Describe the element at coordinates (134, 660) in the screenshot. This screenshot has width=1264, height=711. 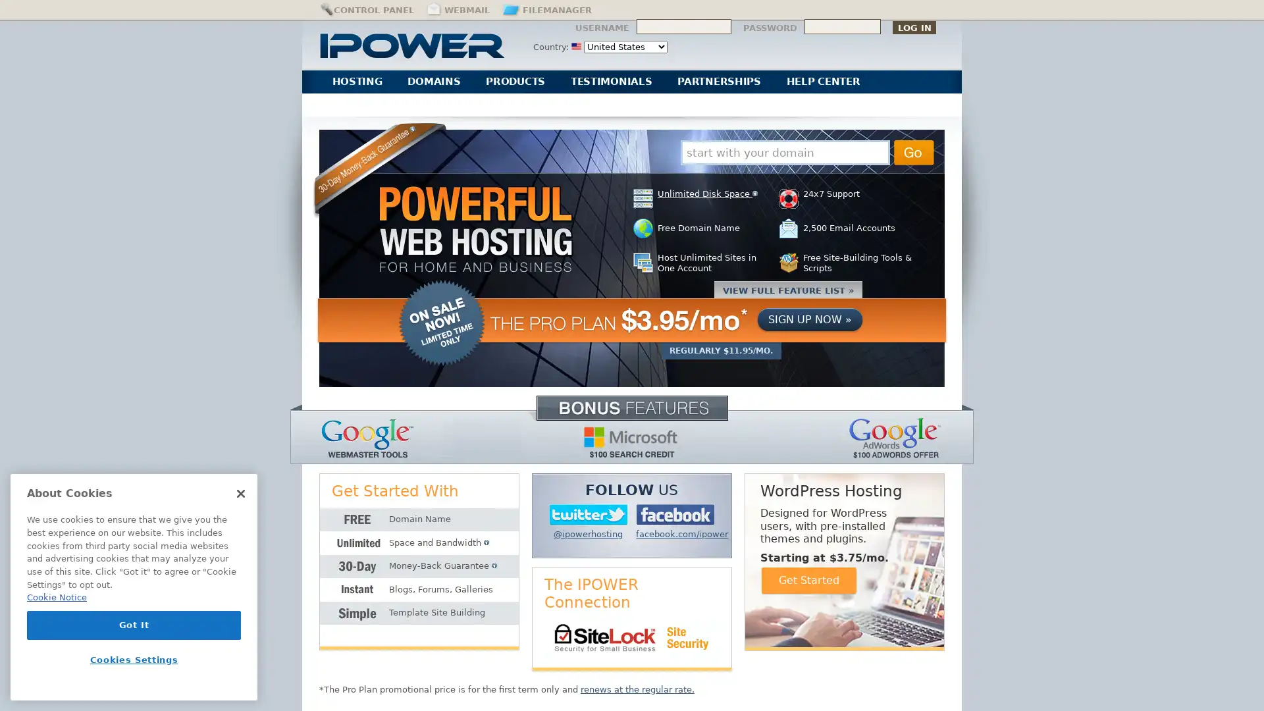
I see `Cookies Settings` at that location.